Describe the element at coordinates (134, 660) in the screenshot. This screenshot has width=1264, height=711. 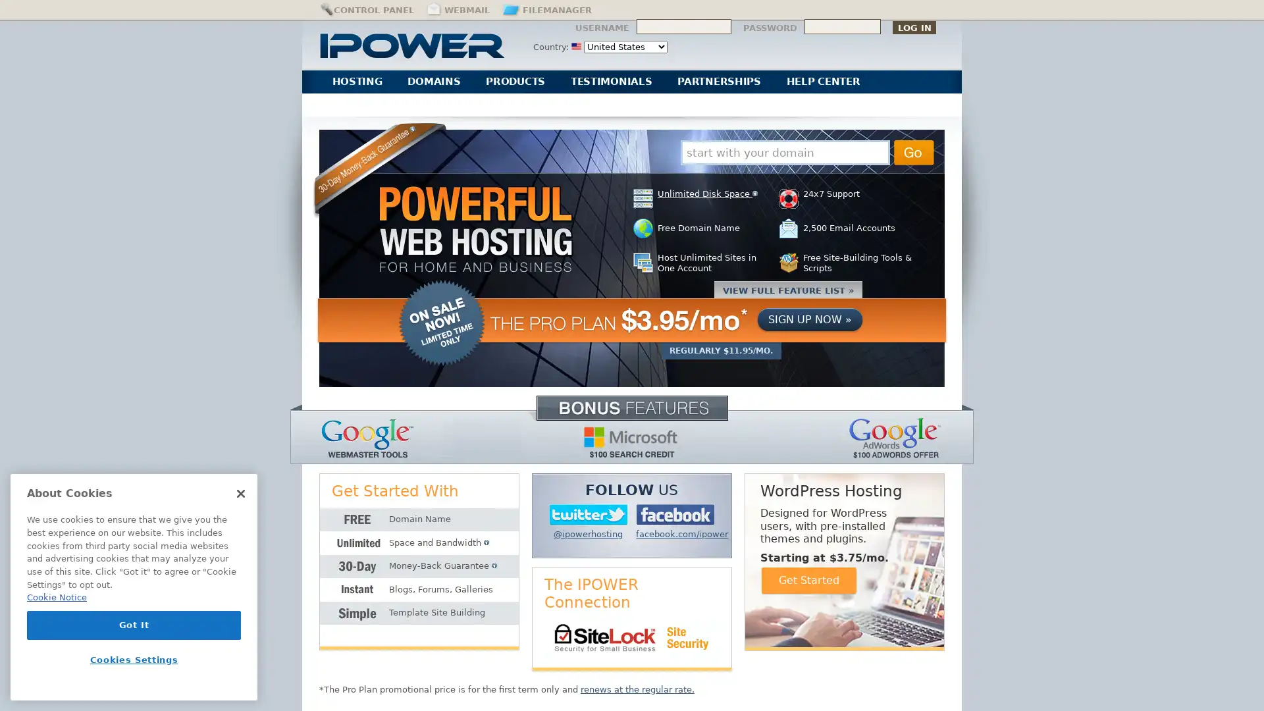
I see `Cookies Settings` at that location.